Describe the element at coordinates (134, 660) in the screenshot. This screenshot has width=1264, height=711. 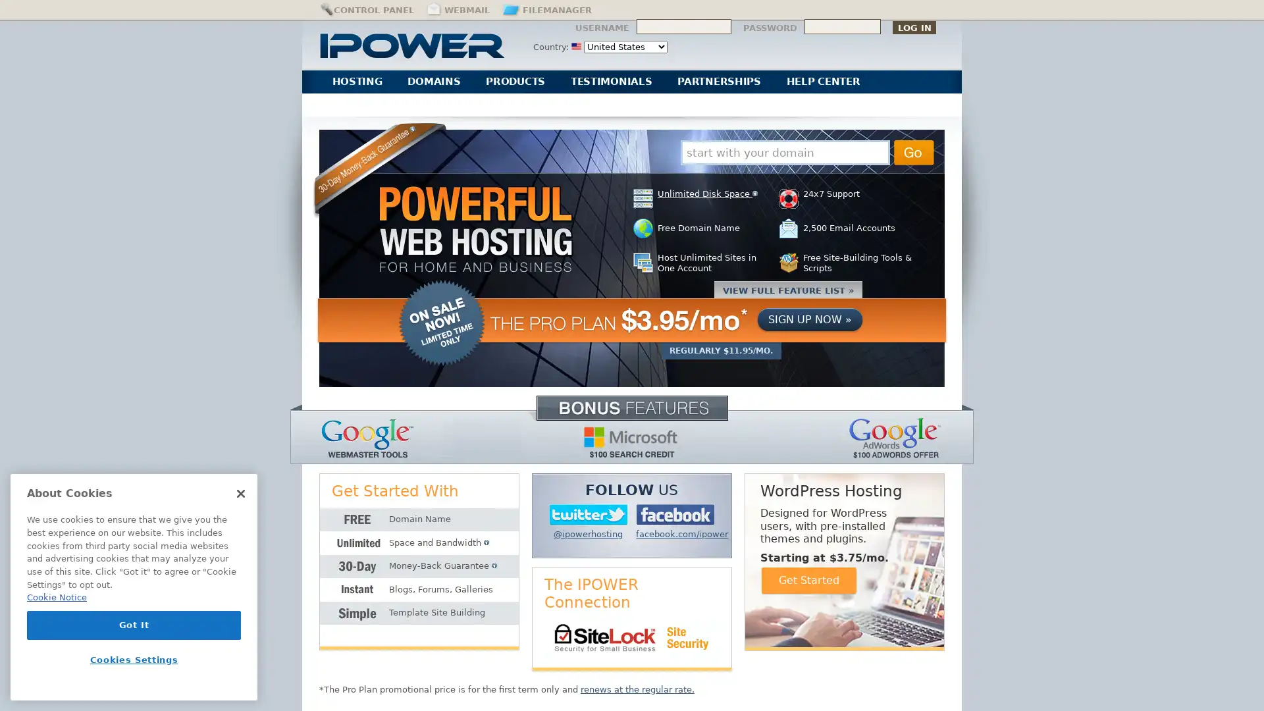
I see `Cookies Settings` at that location.